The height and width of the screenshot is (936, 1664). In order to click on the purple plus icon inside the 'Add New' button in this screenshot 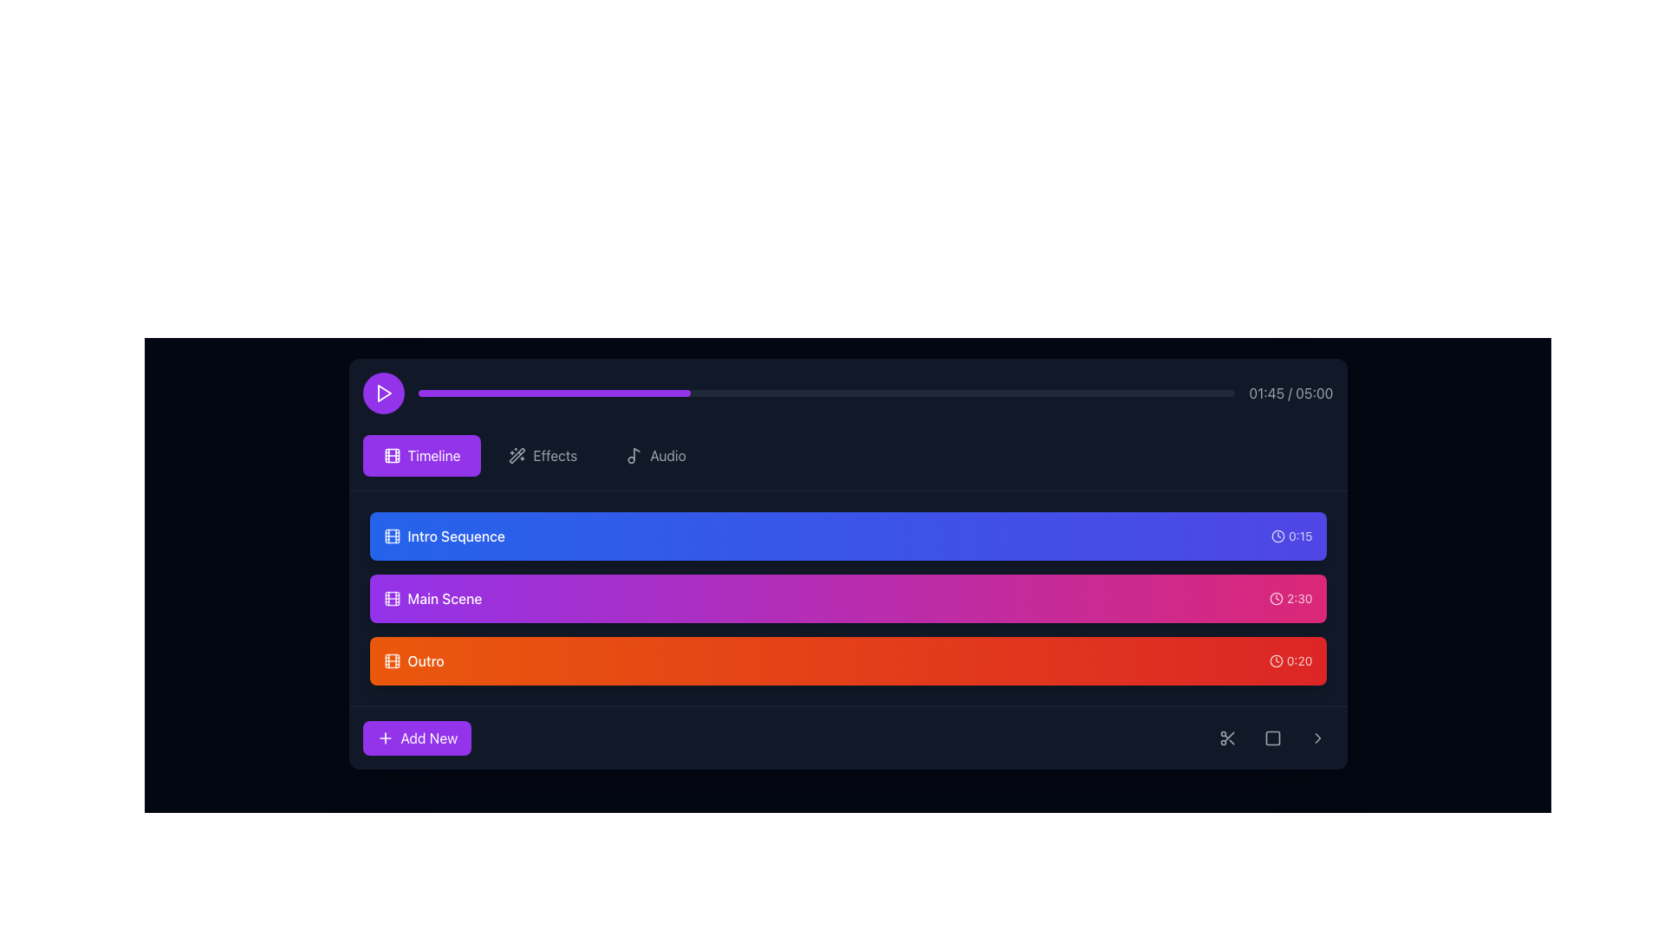, I will do `click(384, 738)`.